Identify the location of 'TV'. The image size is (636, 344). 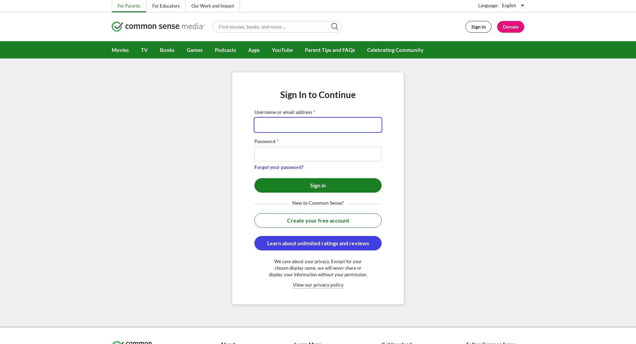
(144, 50).